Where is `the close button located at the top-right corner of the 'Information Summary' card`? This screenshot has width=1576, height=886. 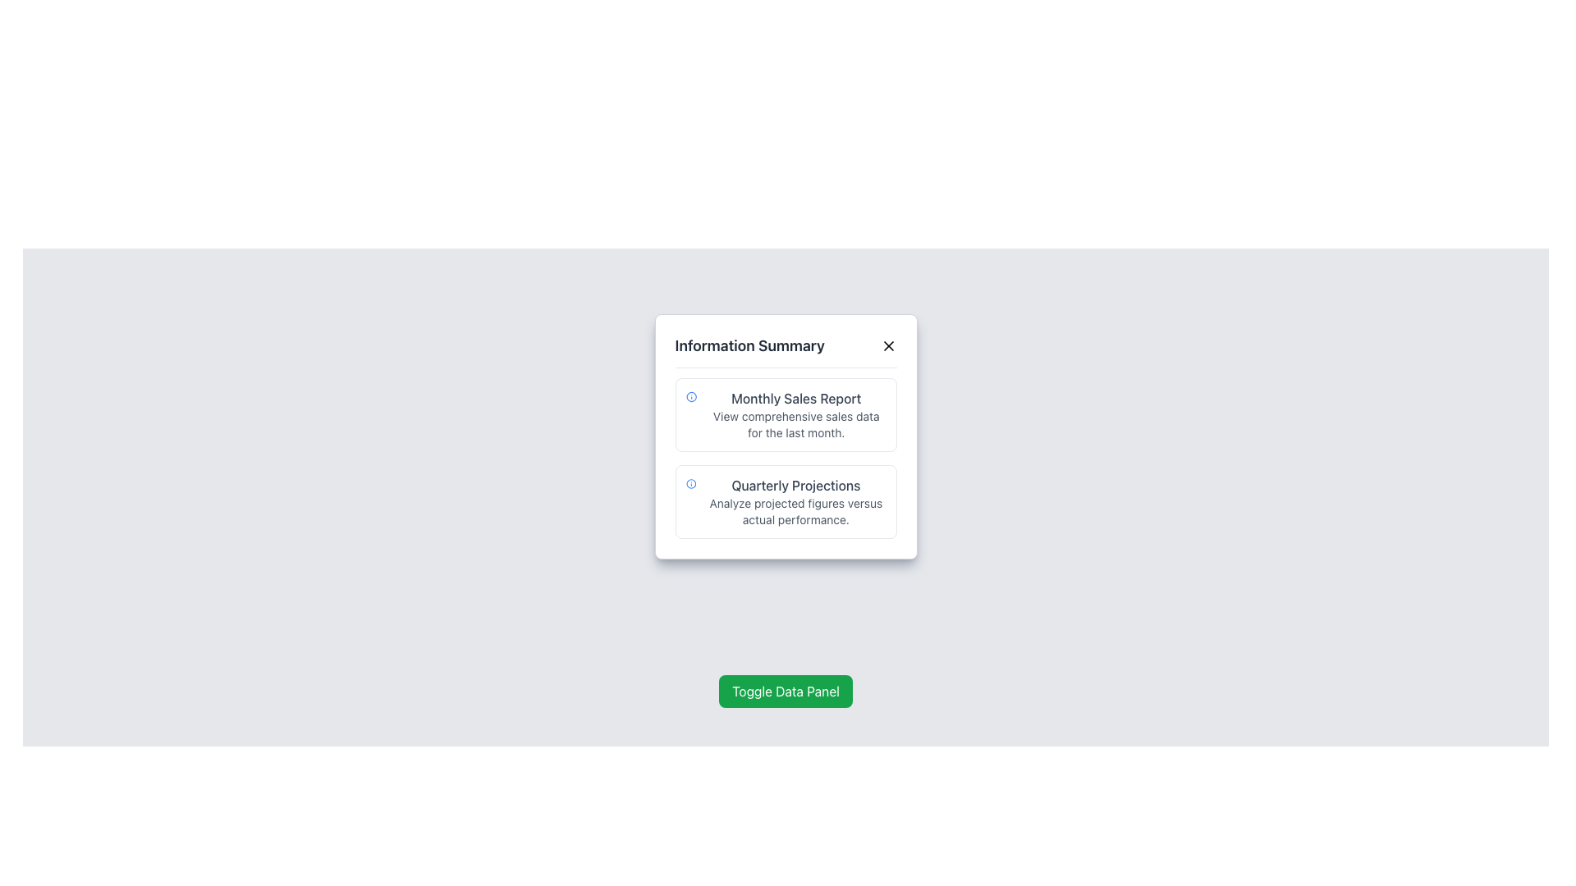
the close button located at the top-right corner of the 'Information Summary' card is located at coordinates (887, 345).